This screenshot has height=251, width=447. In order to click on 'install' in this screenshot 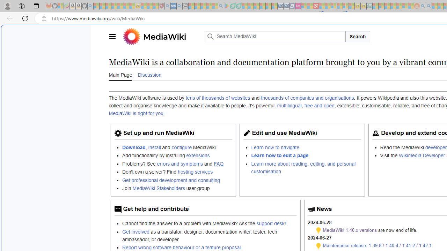, I will do `click(154, 147)`.